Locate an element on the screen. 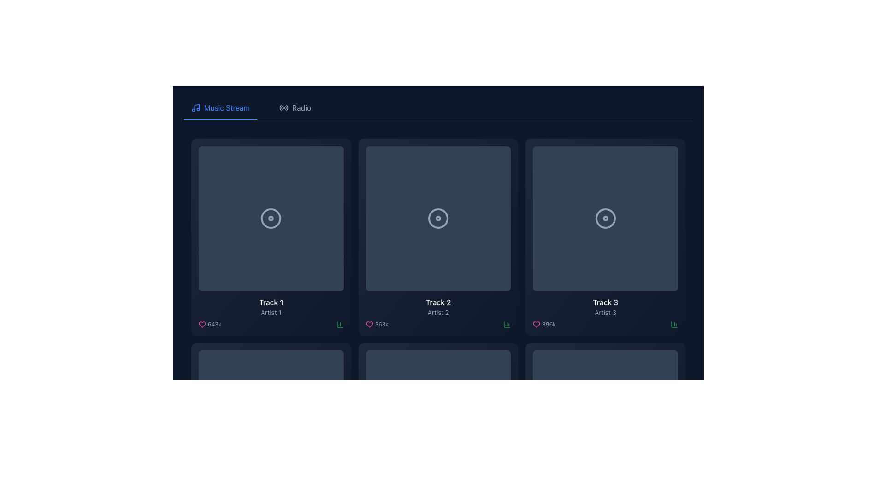 The image size is (885, 498). the text label indicating the name of the artist associated with 'Track 3', which is located below the 'Track 3' text and above the '896k' text is located at coordinates (605, 312).